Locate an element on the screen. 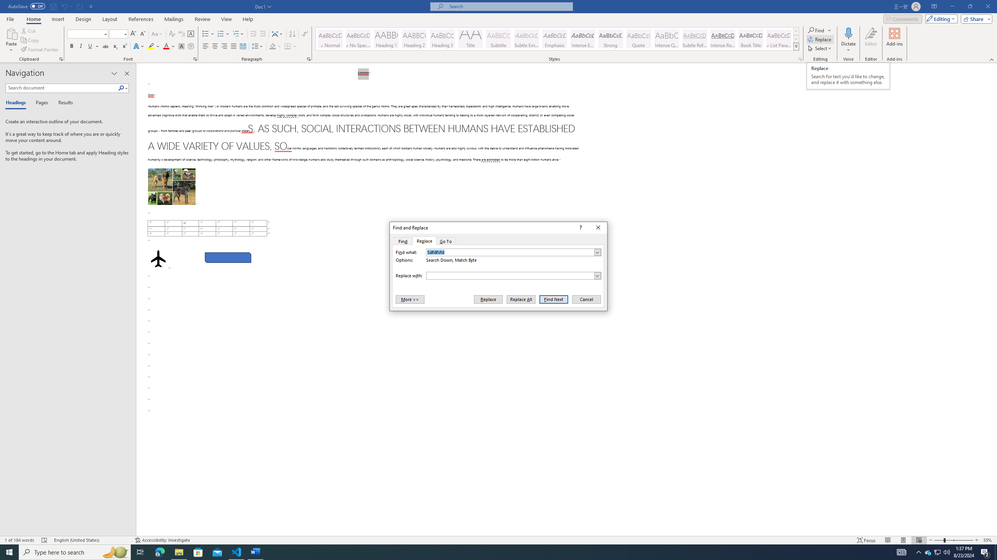  'Styles...' is located at coordinates (800, 58).